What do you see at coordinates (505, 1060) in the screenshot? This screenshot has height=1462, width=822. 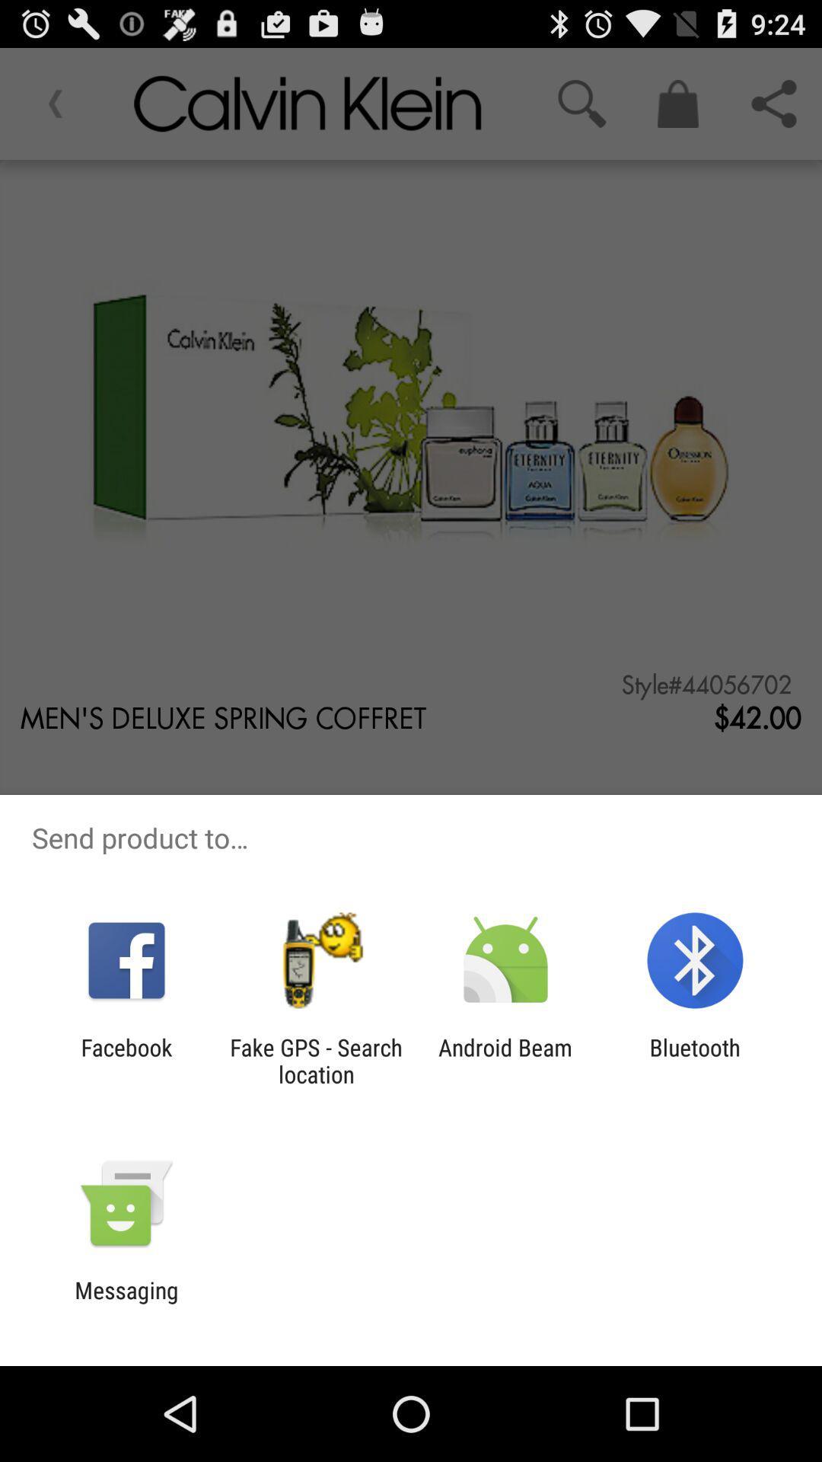 I see `item to the left of the bluetooth app` at bounding box center [505, 1060].